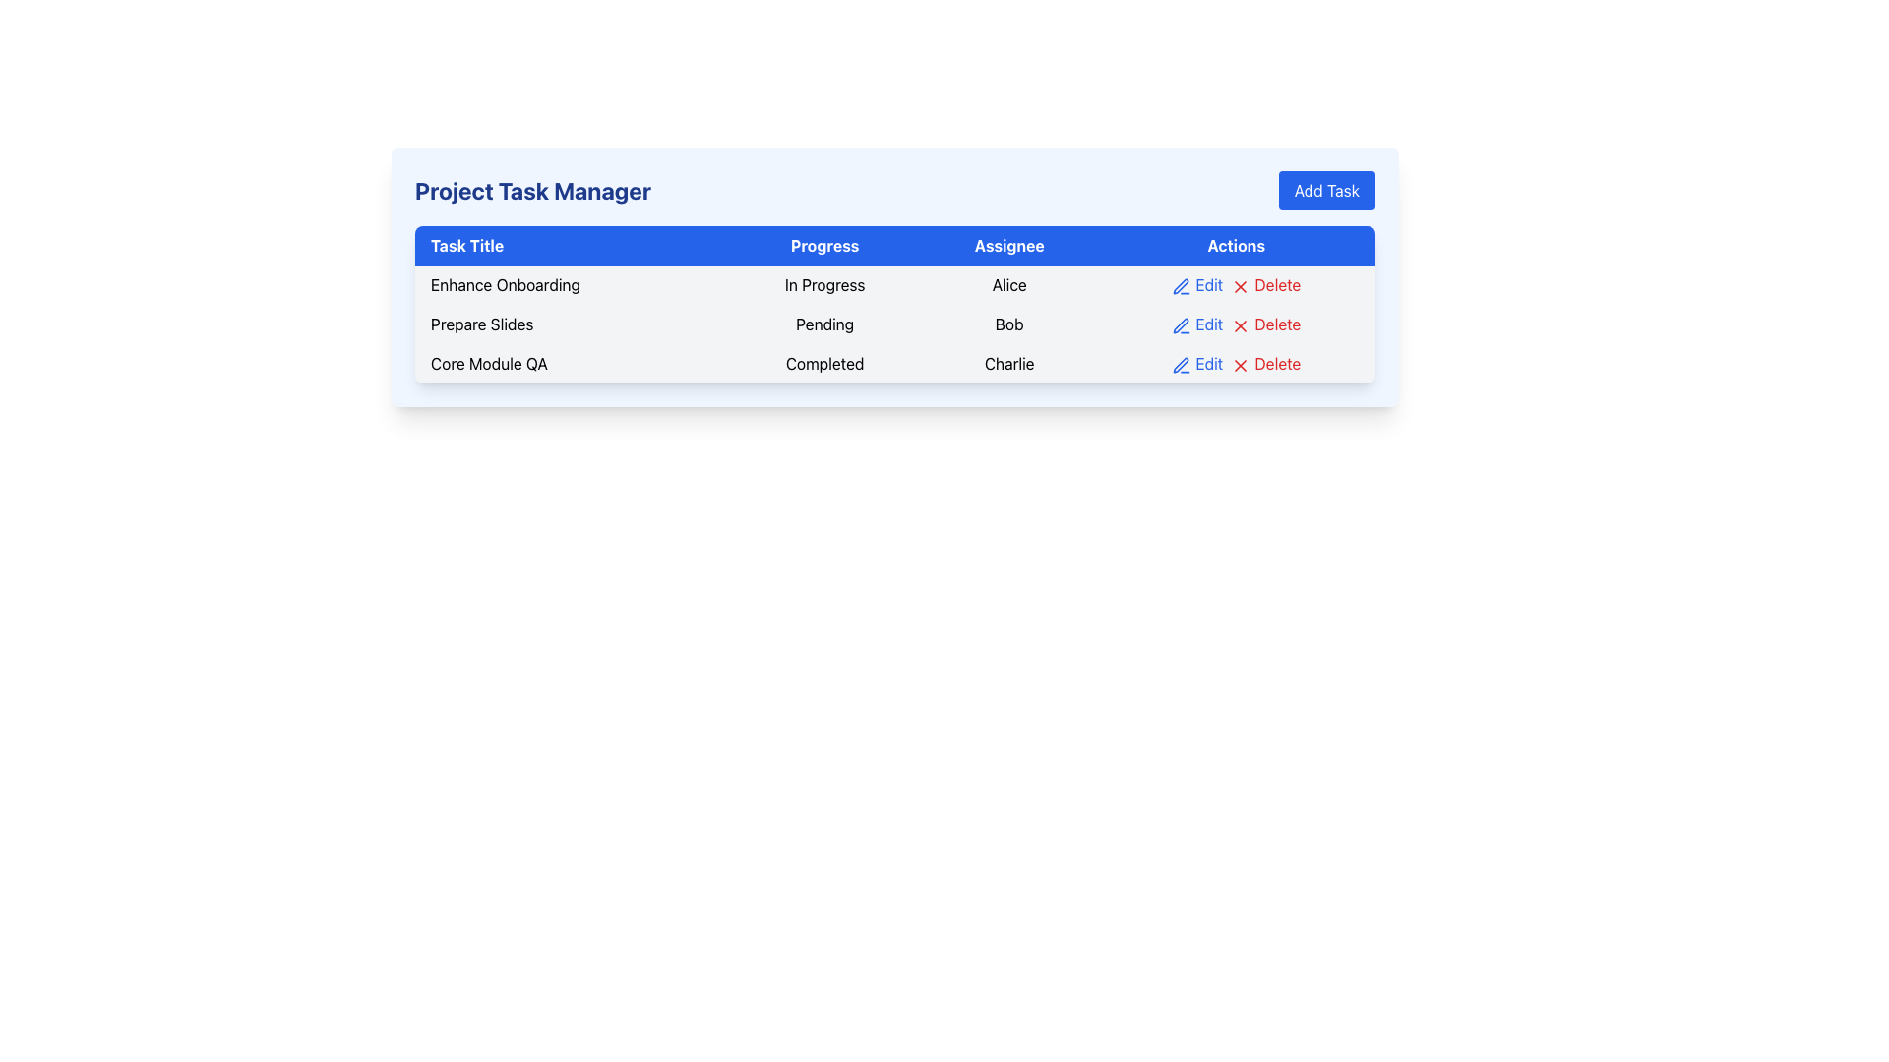 This screenshot has width=1889, height=1062. Describe the element at coordinates (1196, 364) in the screenshot. I see `the 'Edit' button styled as a hyperlink with a pen icon, located in the 'Actions' column of the last row in the table` at that location.